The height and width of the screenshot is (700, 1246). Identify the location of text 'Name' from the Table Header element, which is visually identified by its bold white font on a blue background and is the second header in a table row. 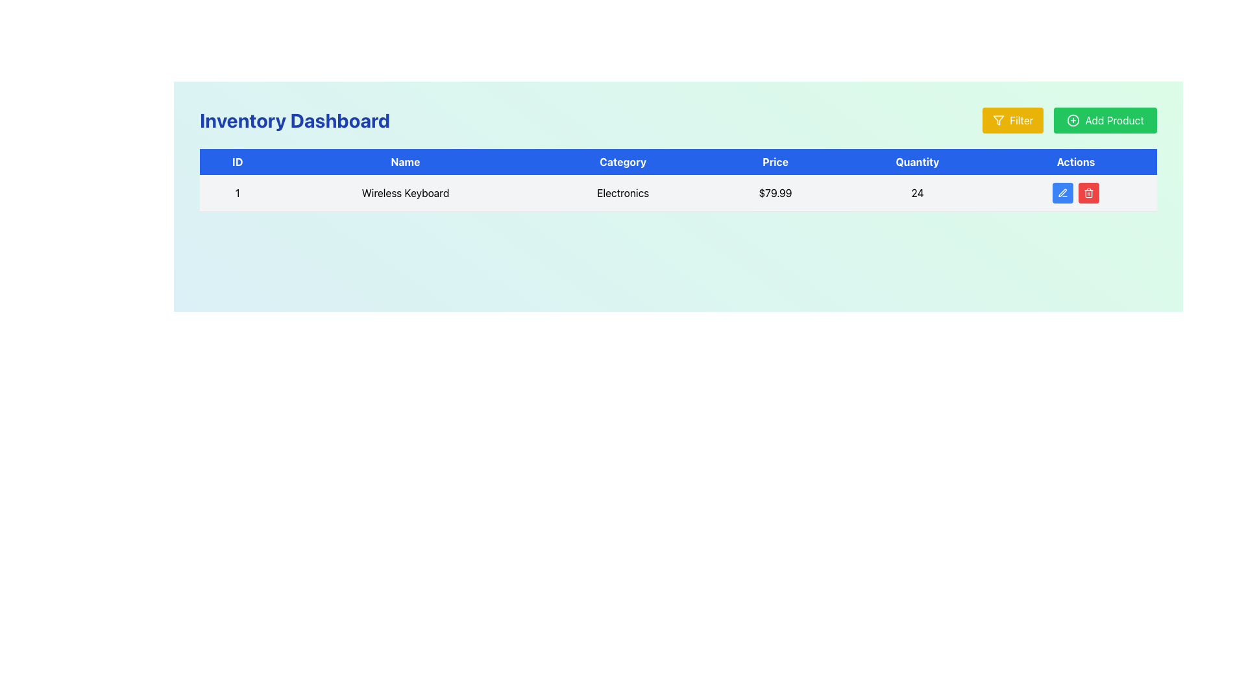
(404, 161).